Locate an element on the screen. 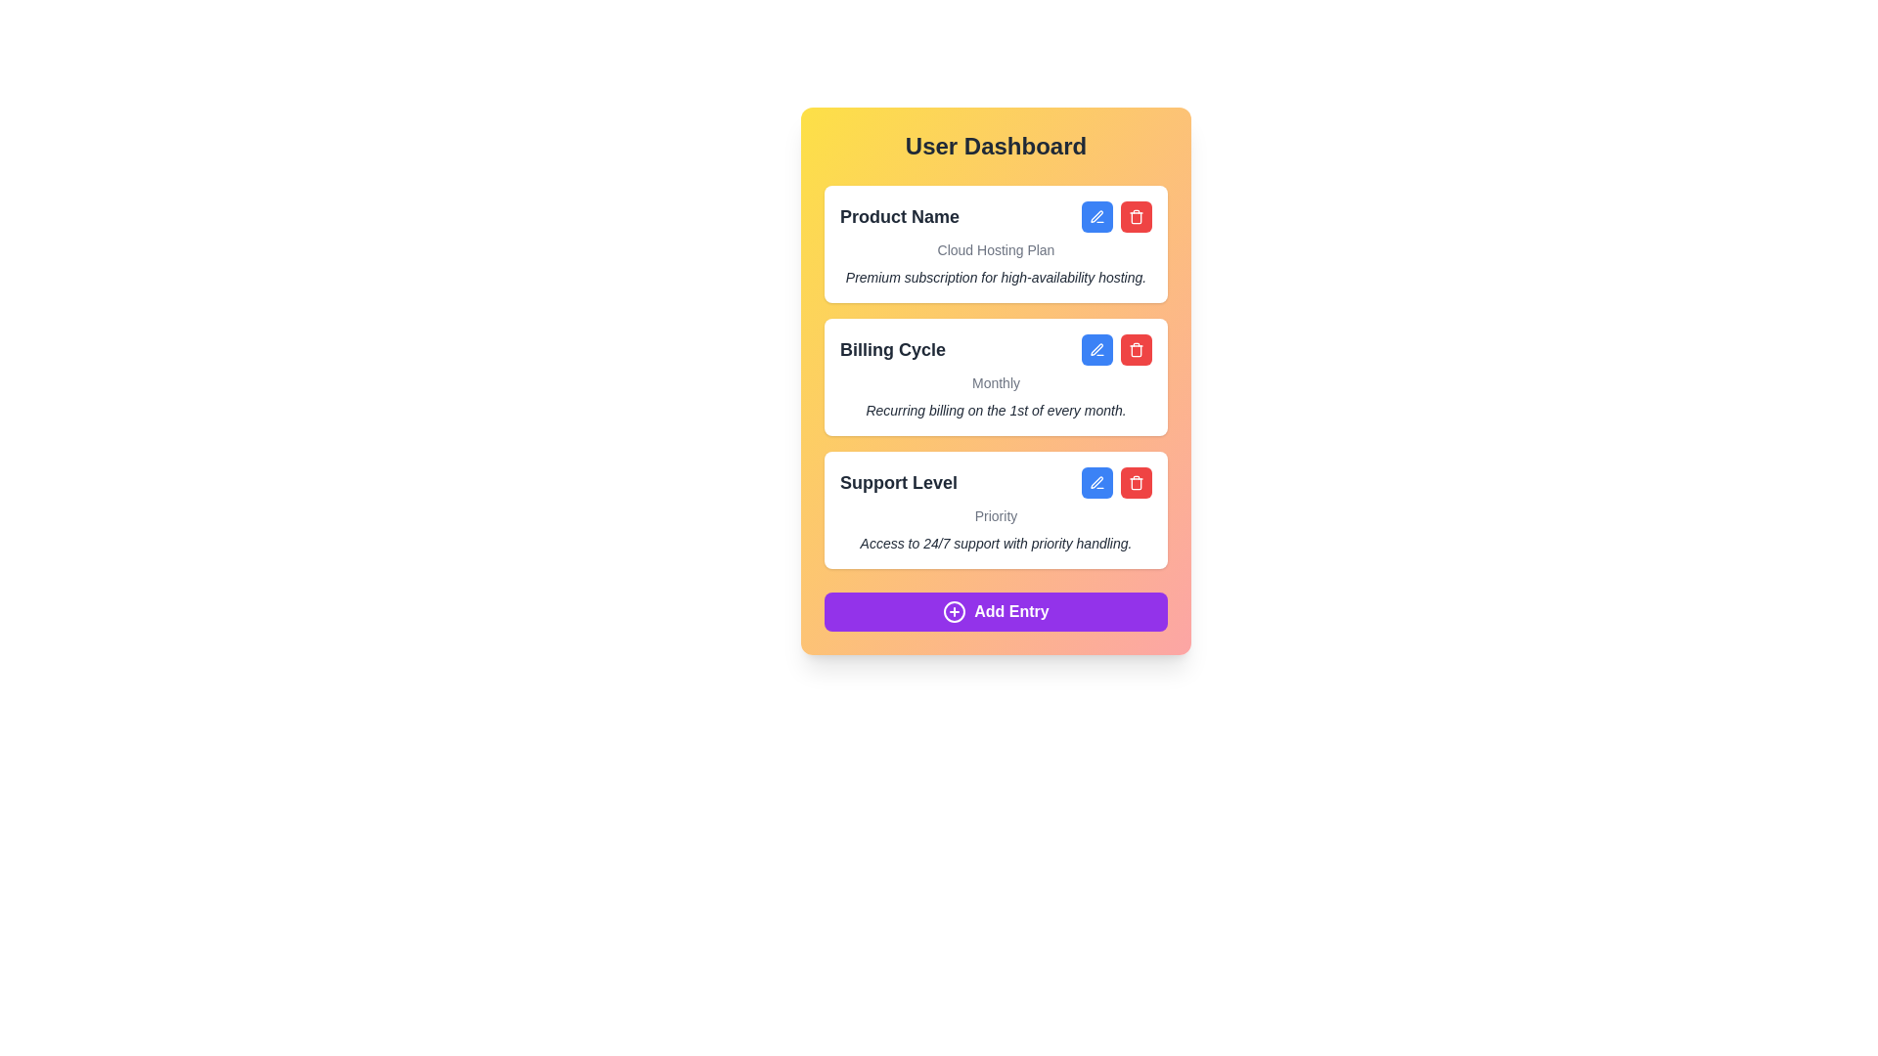  the Icon button located at the top-right corner of the card next to the 'Billing Cycle' label to initiate editing the associated data is located at coordinates (1096, 348).